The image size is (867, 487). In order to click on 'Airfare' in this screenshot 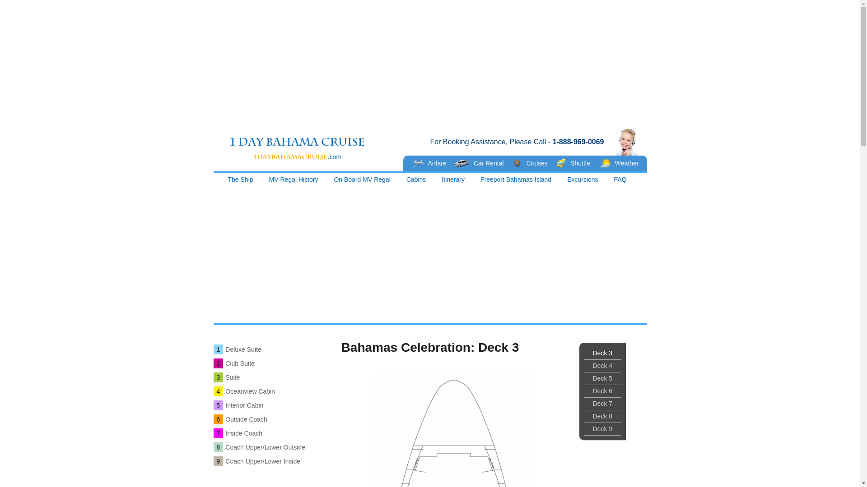, I will do `click(407, 163)`.